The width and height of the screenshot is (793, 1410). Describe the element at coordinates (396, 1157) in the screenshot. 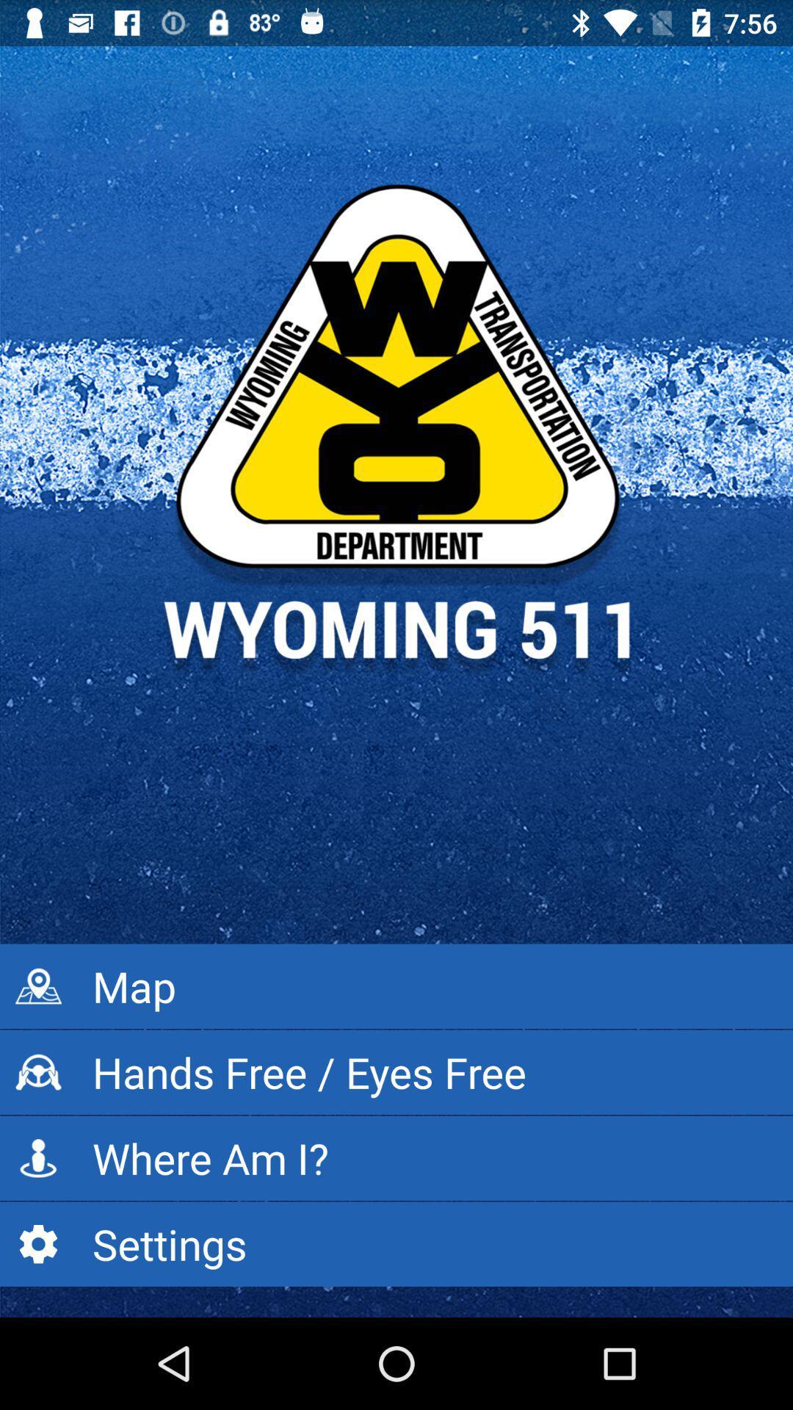

I see `icon below hands free eyes icon` at that location.